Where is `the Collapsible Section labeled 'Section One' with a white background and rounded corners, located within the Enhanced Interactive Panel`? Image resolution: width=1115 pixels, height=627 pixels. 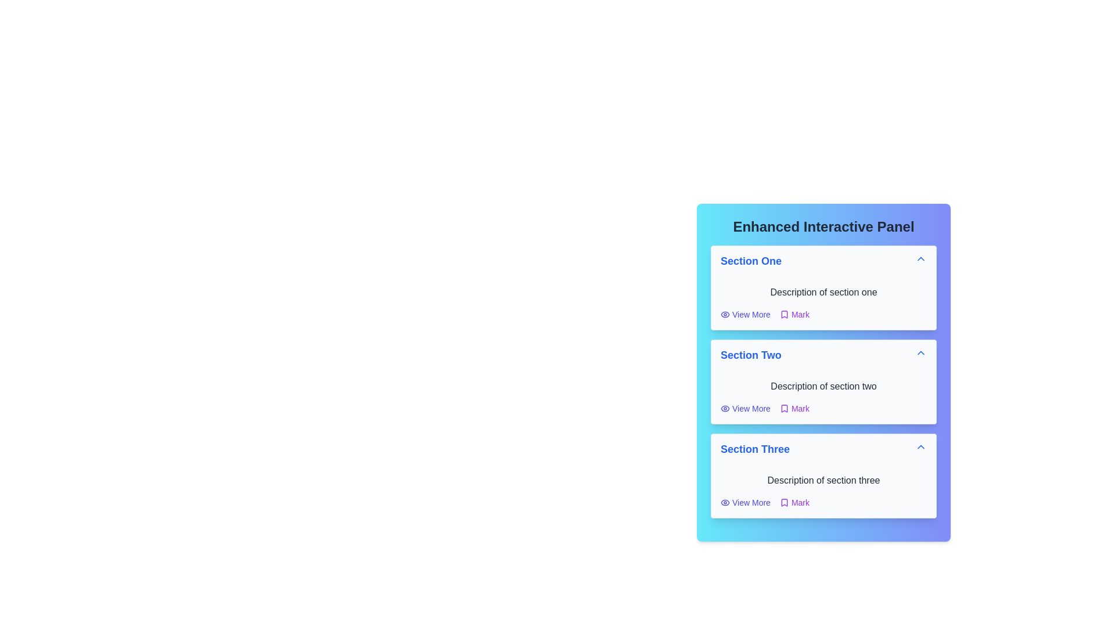
the Collapsible Section labeled 'Section One' with a white background and rounded corners, located within the Enhanced Interactive Panel is located at coordinates (823, 287).